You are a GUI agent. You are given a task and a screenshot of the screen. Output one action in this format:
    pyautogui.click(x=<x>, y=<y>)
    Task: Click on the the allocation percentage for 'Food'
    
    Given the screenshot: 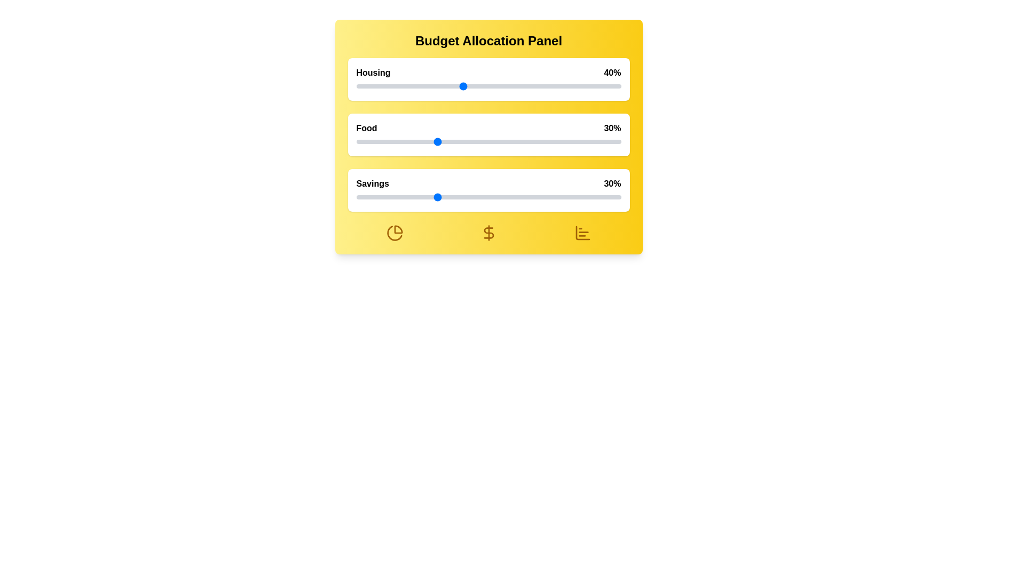 What is the action you would take?
    pyautogui.click(x=541, y=141)
    